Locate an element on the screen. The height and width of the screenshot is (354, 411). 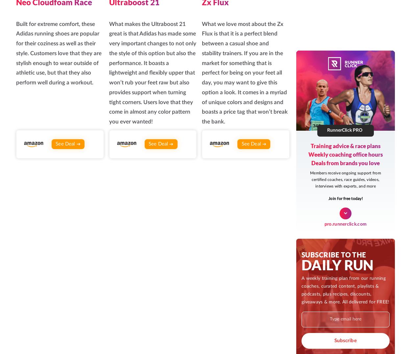
'Inside RunnerClick Pro, runners of all strengths come together to meet and support one another, get answers to burning questions, learn from experts, participate in personal challenges, and more.' is located at coordinates (153, 69).